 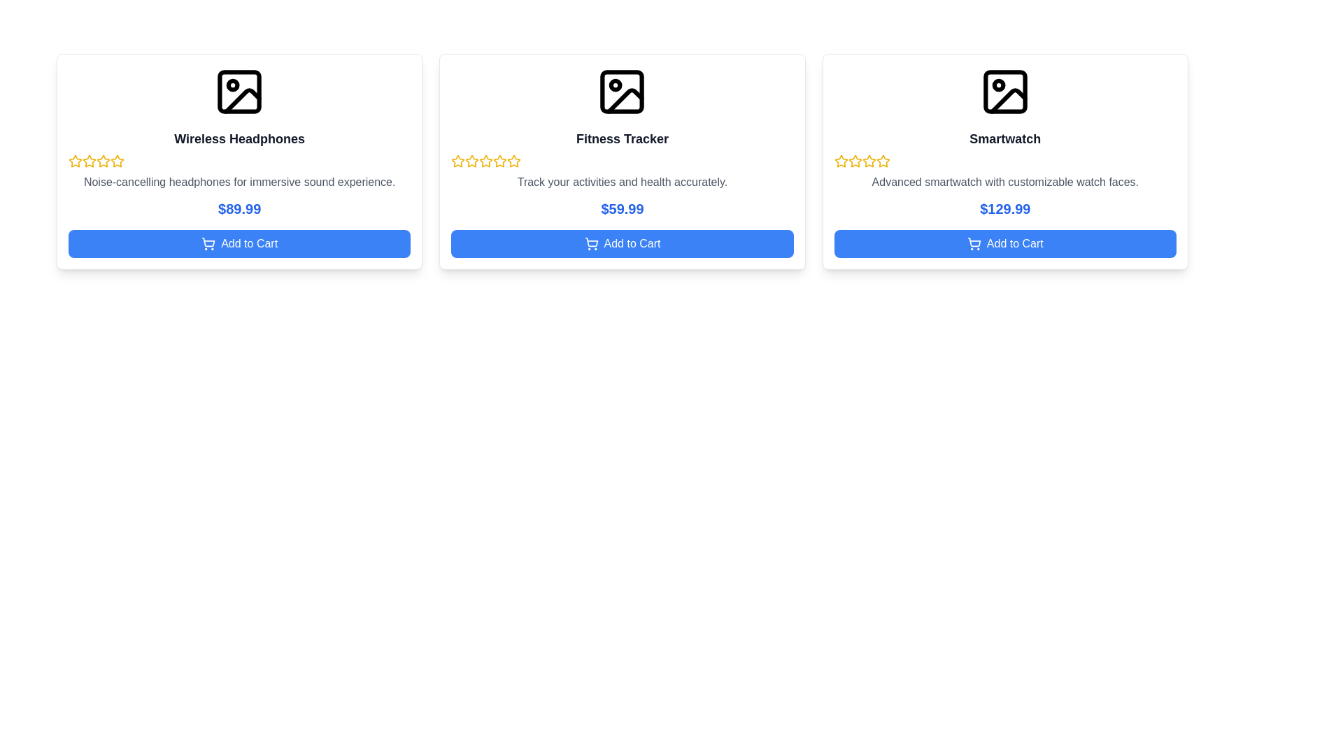 I want to click on the text label displaying 'Smartwatch' in bold font, located below the image icon in the rightmost card of three cards, so click(x=1004, y=139).